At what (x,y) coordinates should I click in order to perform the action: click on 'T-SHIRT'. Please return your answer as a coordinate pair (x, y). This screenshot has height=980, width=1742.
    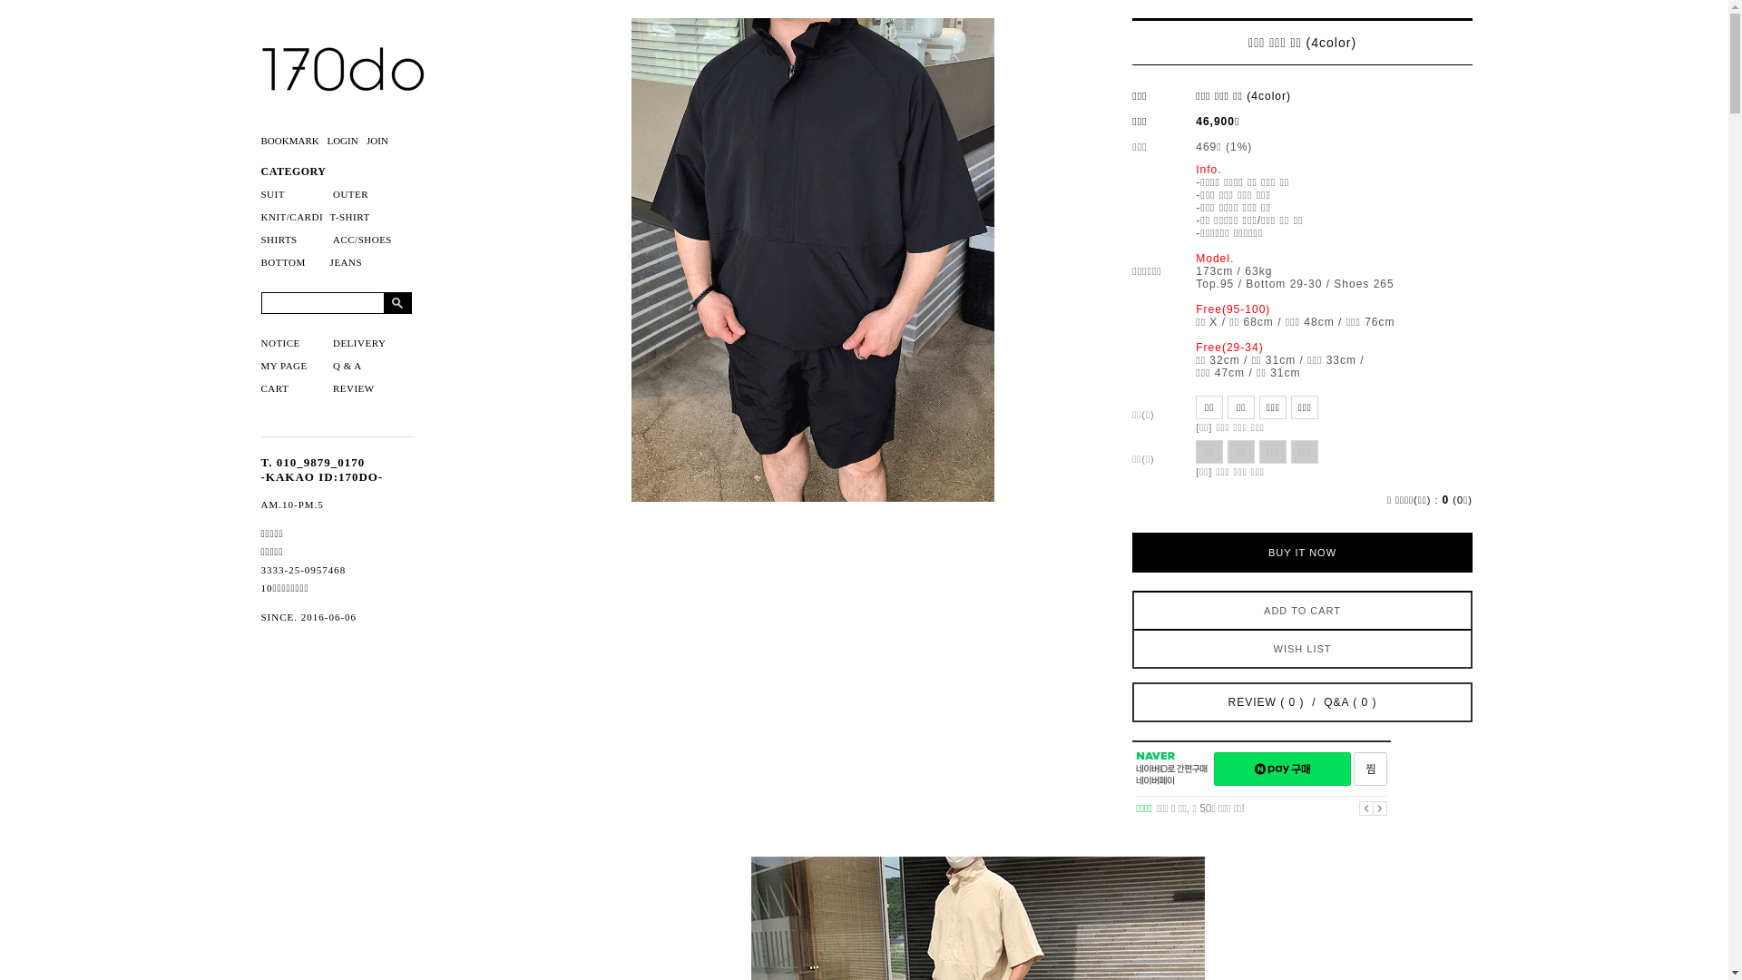
    Looking at the image, I should click on (349, 216).